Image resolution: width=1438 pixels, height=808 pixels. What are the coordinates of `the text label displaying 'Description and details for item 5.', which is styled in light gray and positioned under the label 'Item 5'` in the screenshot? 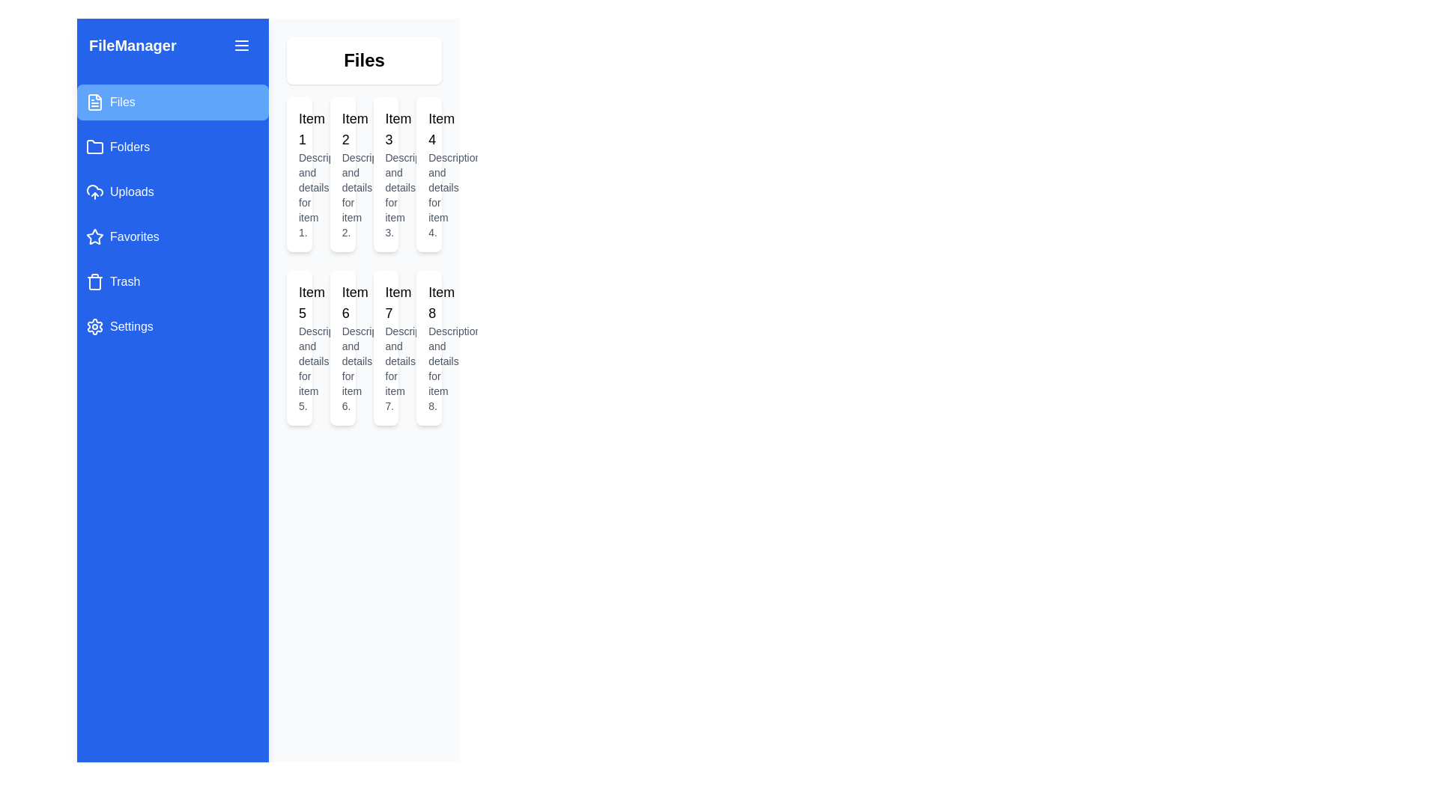 It's located at (299, 369).